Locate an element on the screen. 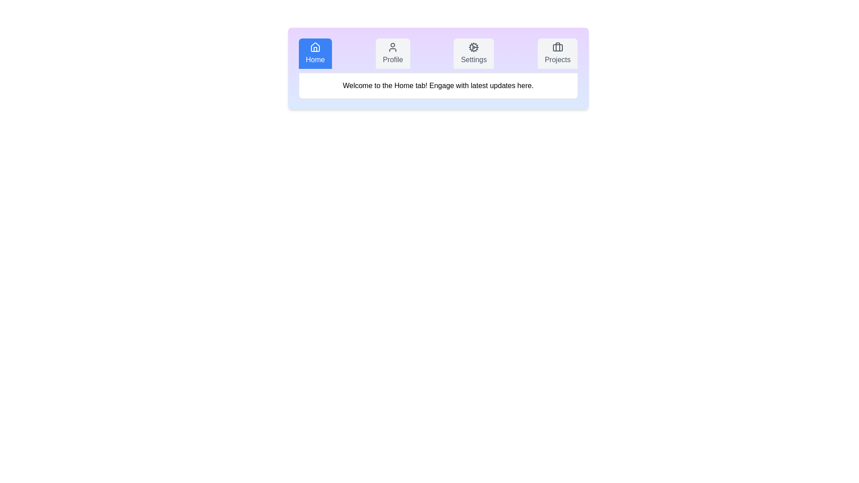 The height and width of the screenshot is (483, 859). SVG rectangle element styled as part of a briefcase icon located in the rightmost section of the navigation bar labeled 'Projects' using developer tools is located at coordinates (557, 48).